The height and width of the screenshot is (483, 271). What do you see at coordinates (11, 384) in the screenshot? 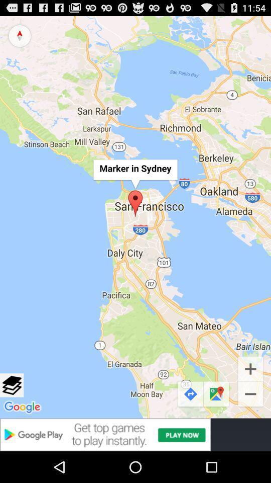
I see `view` at bounding box center [11, 384].